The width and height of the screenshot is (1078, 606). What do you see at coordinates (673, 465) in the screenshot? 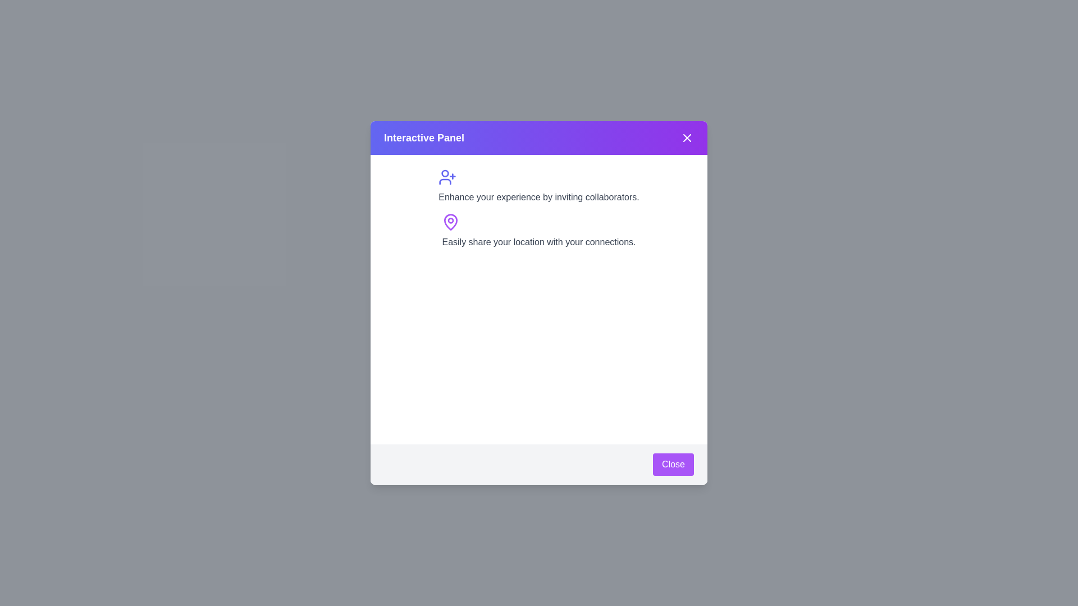
I see `the 'Close' button with a purple background located in the bottom-right corner of the modal` at bounding box center [673, 465].